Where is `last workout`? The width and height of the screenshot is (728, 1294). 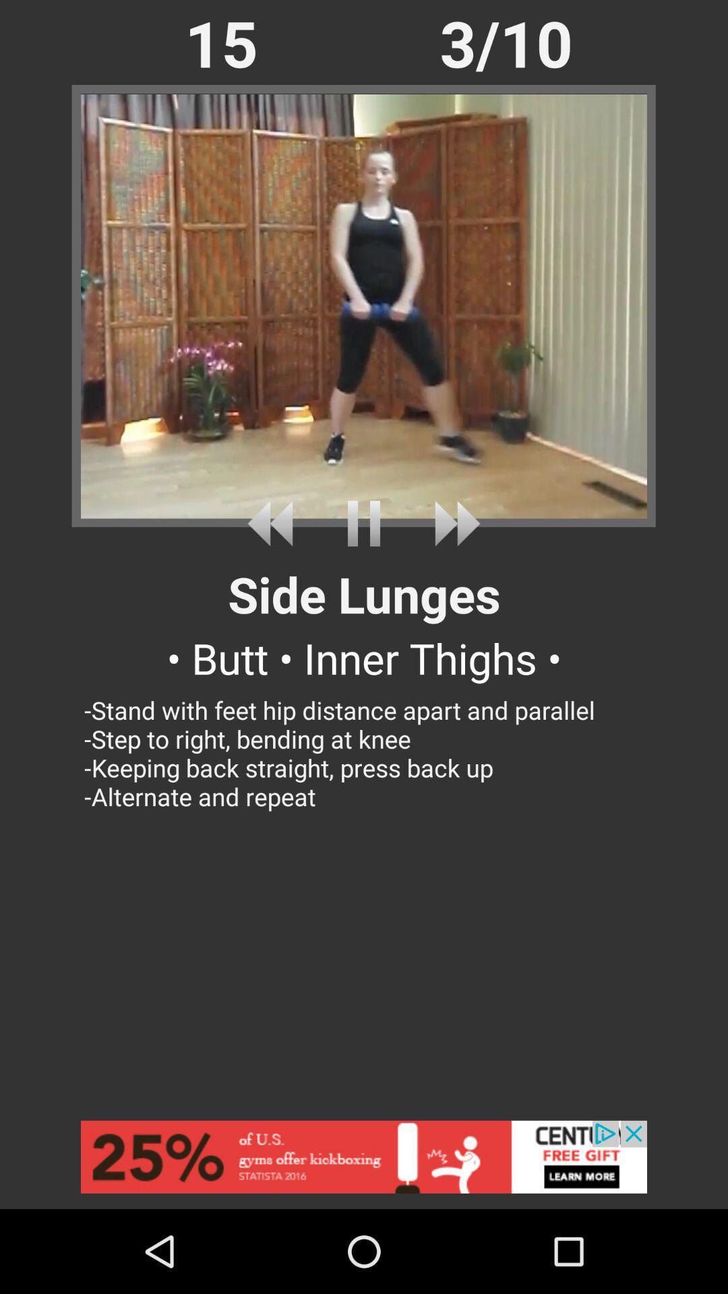
last workout is located at coordinates (274, 523).